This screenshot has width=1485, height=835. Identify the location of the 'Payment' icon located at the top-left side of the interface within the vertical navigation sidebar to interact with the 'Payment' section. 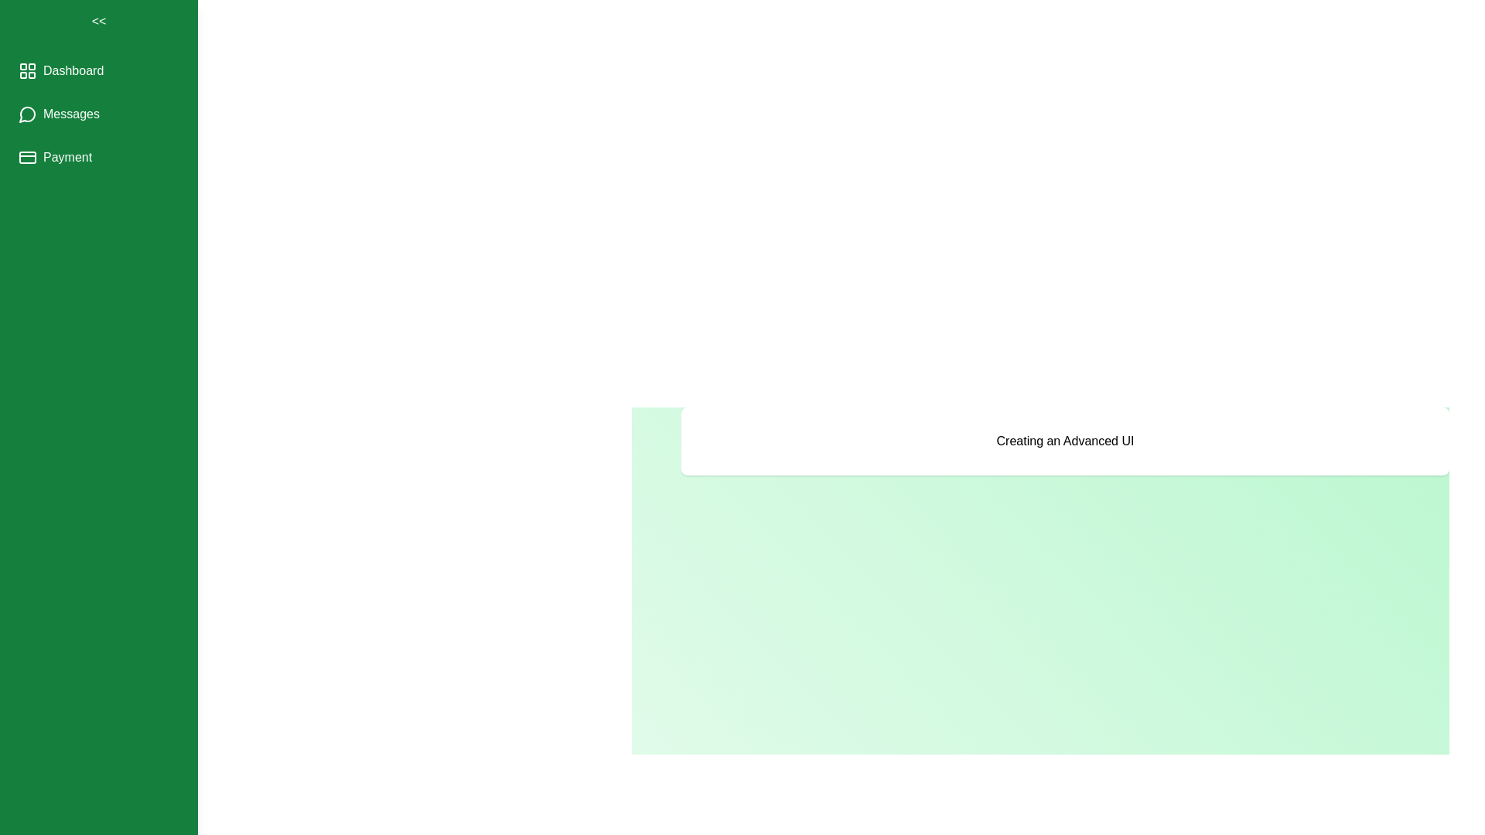
(27, 158).